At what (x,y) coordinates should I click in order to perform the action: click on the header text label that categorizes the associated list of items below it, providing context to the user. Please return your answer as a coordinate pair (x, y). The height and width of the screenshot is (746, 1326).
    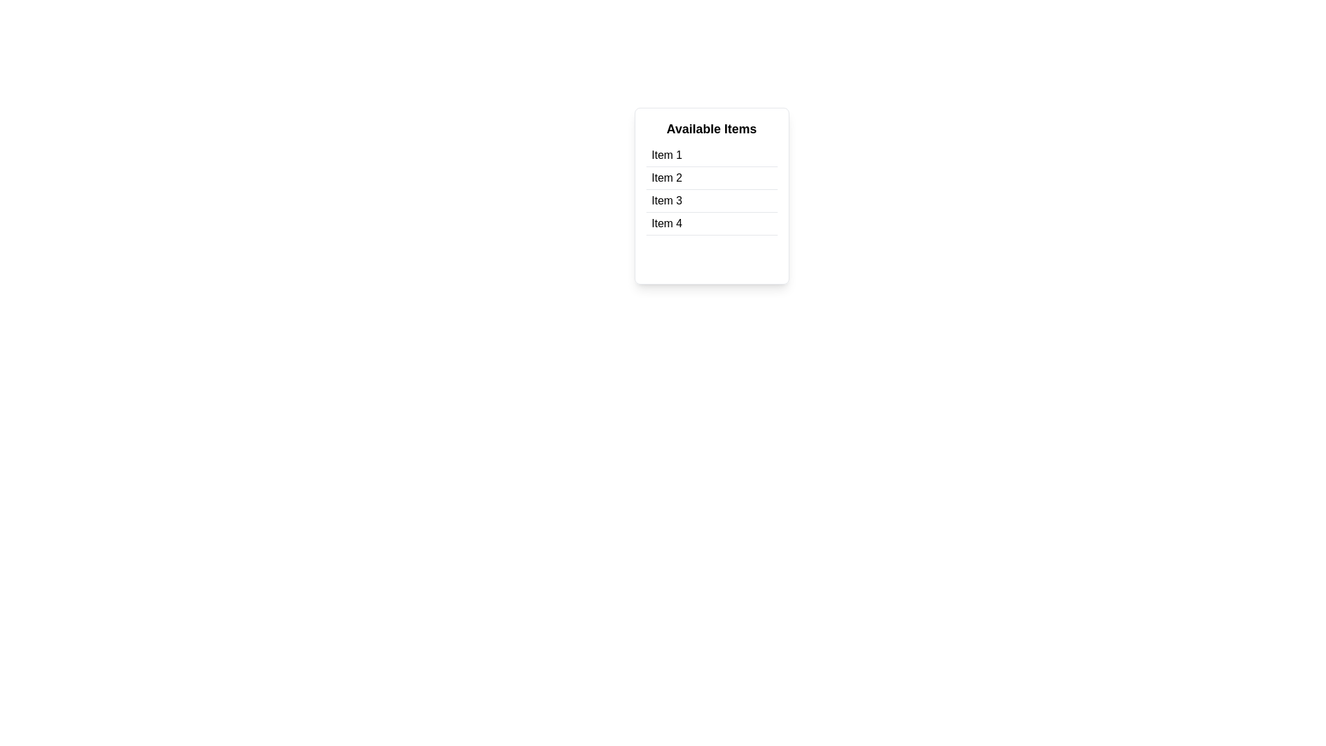
    Looking at the image, I should click on (711, 128).